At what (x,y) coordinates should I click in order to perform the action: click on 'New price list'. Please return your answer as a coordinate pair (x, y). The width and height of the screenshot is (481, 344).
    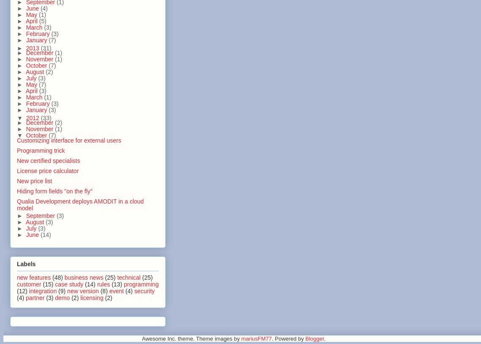
    Looking at the image, I should click on (16, 180).